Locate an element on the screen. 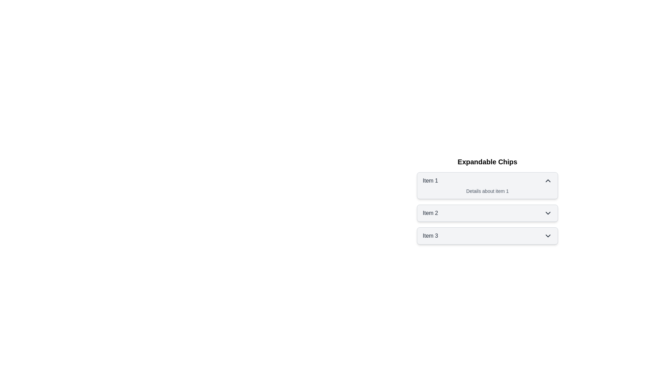 This screenshot has height=372, width=661. the label of chip Item 3 to toggle its state is located at coordinates (430, 236).